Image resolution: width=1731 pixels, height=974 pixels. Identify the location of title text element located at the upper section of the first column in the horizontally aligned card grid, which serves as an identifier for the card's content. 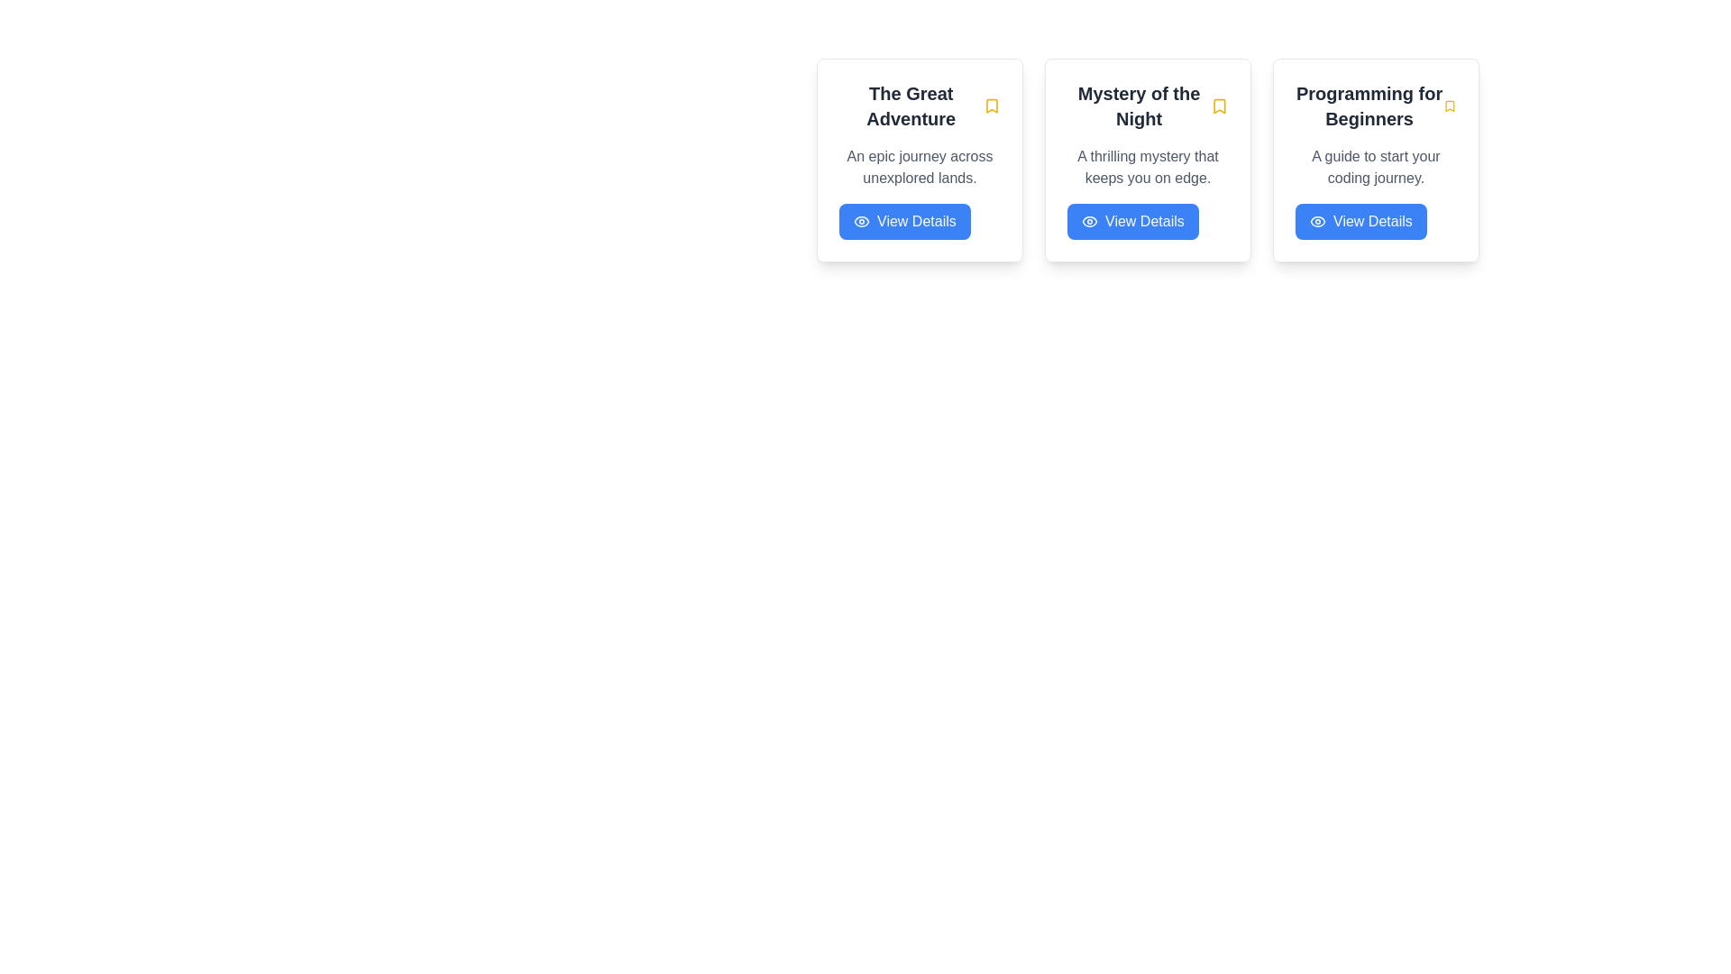
(920, 106).